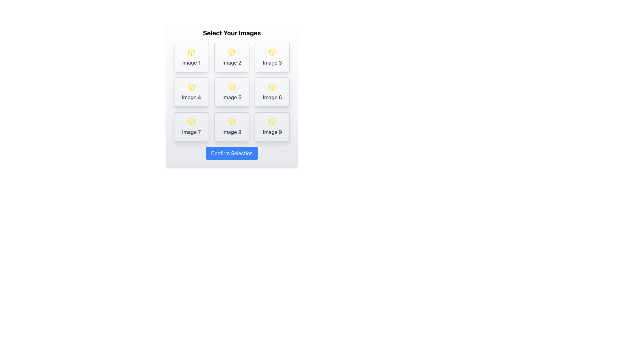 Image resolution: width=618 pixels, height=347 pixels. Describe the element at coordinates (272, 87) in the screenshot. I see `the icon representing 'Image 6'` at that location.